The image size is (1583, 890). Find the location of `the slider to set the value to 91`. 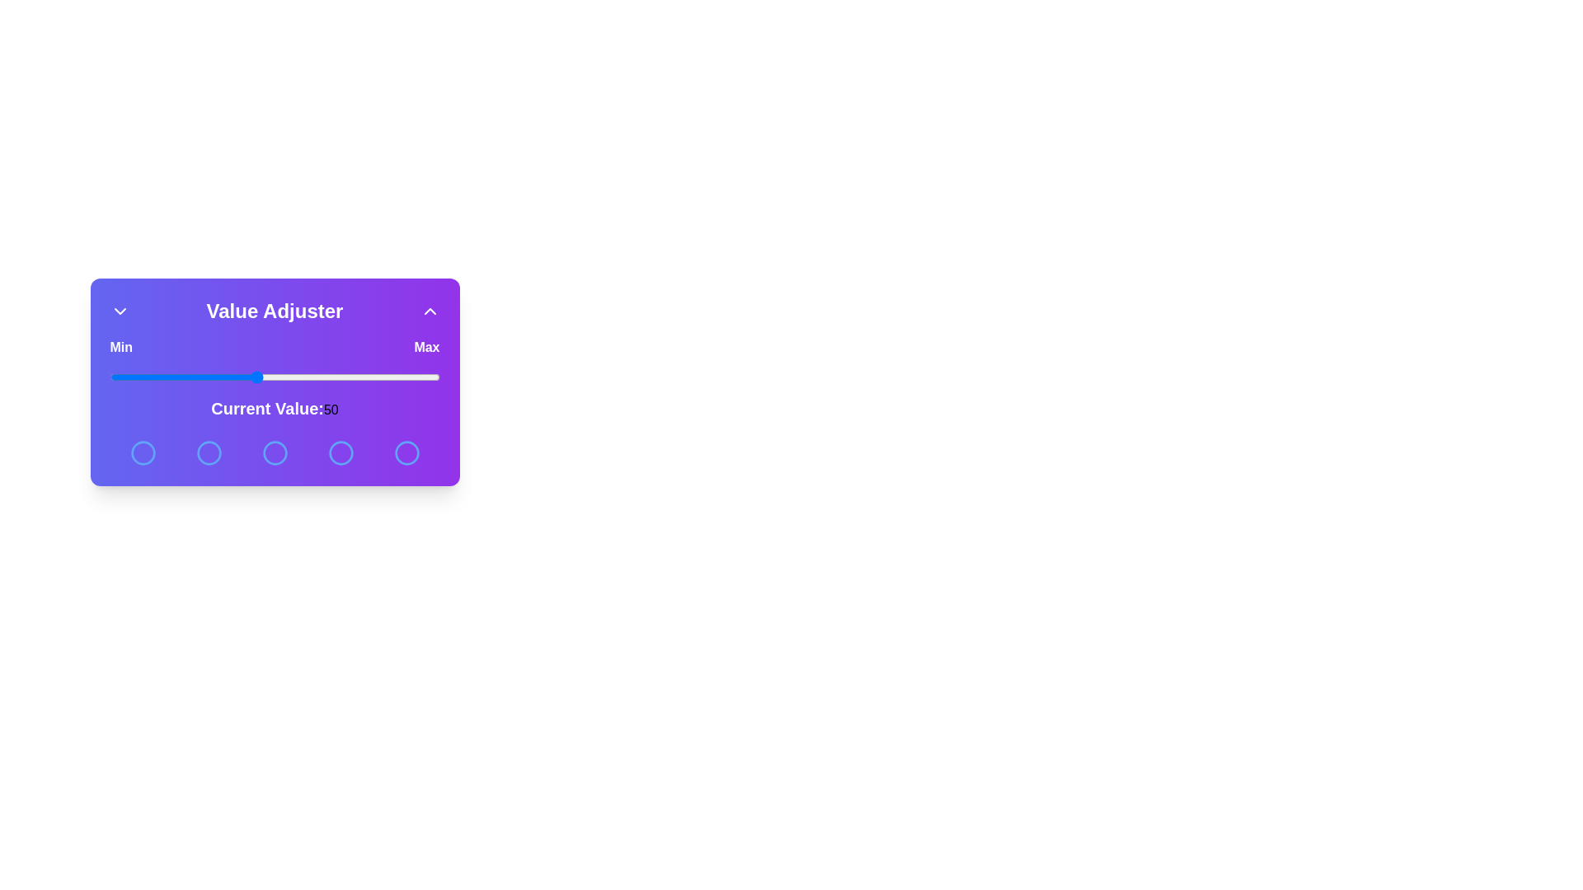

the slider to set the value to 91 is located at coordinates (406, 377).